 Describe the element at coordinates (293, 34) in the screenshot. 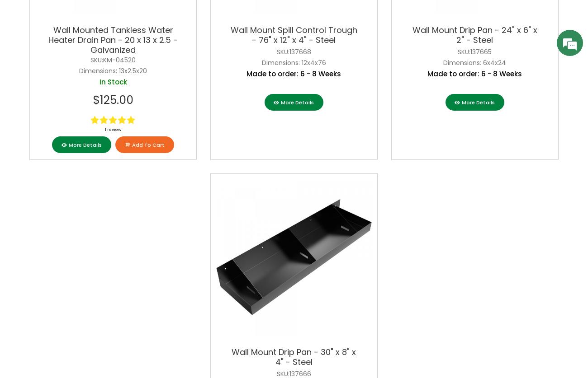

I see `'Wall Mount Spill Control Trough - 76" x 12" x 4" - Steel'` at that location.